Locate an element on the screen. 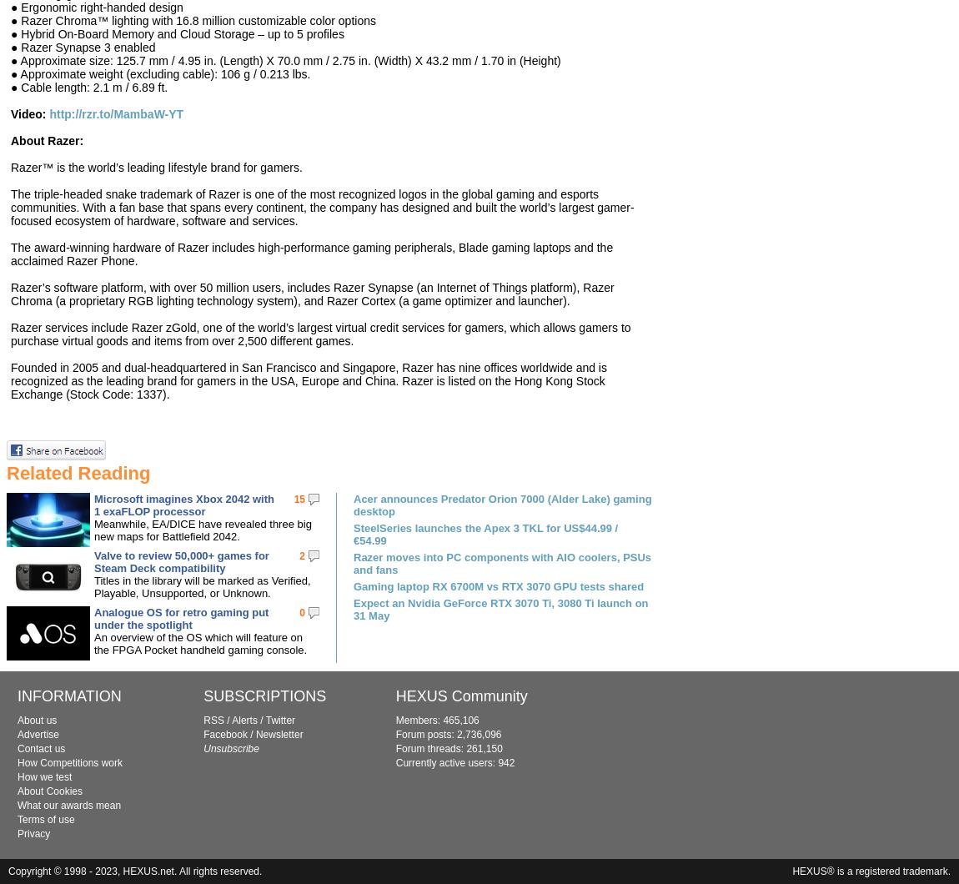 The width and height of the screenshot is (959, 884). 'INFORMATION' is located at coordinates (17, 696).